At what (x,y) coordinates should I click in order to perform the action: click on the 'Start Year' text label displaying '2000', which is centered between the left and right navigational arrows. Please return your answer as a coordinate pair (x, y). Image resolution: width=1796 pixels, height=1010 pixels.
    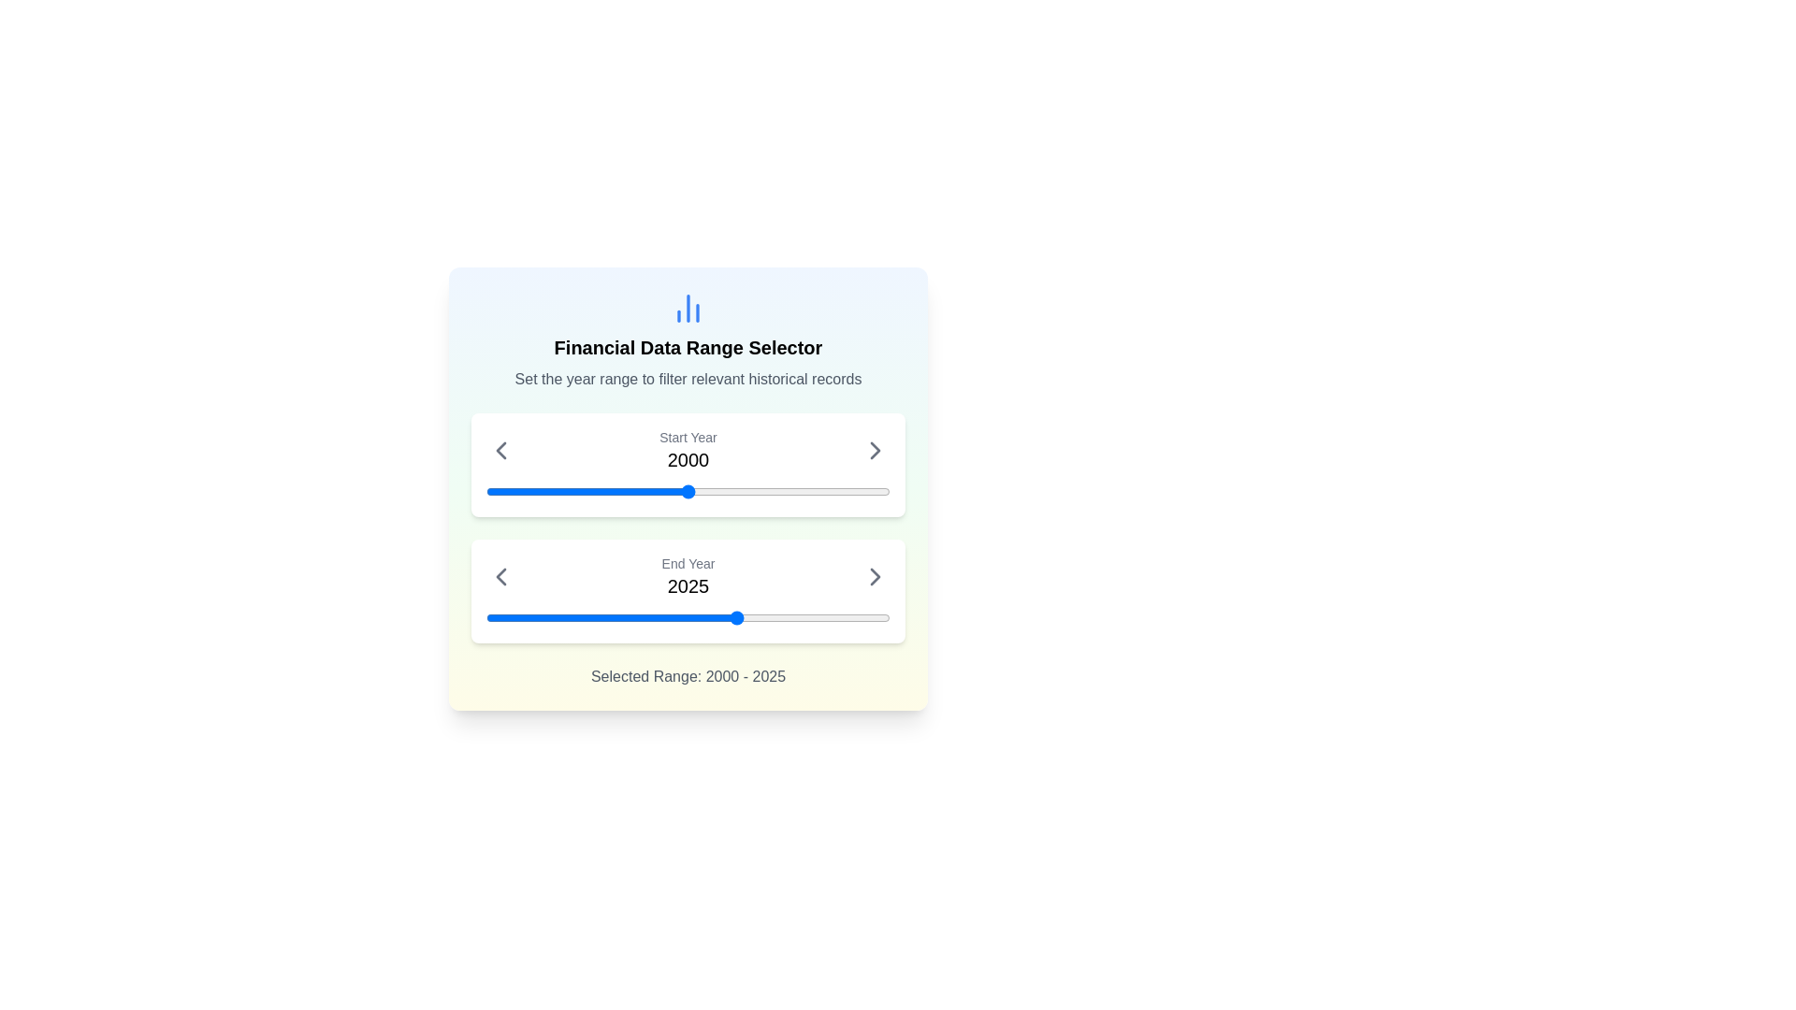
    Looking at the image, I should click on (687, 451).